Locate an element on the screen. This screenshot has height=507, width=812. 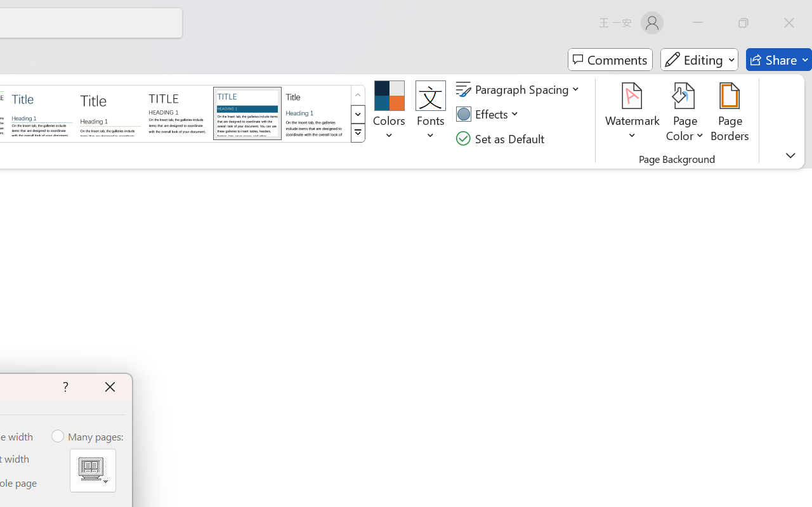
'Colors' is located at coordinates (388, 113).